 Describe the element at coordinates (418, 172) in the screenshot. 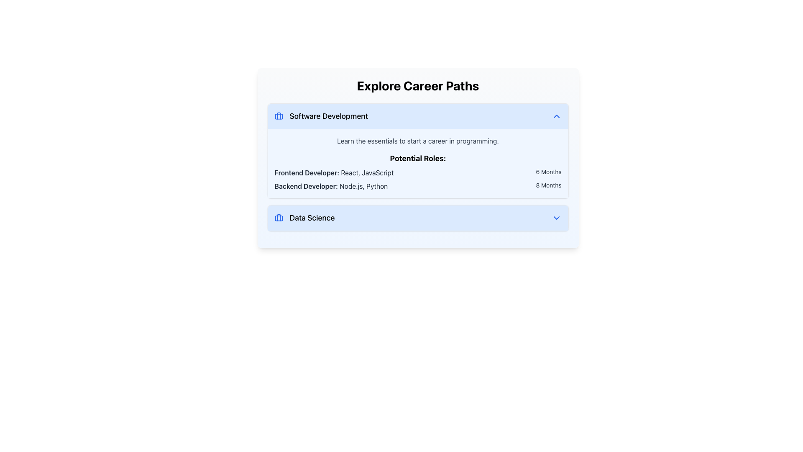

I see `the job title 'Frontend Developer: React, JavaScript' in the first list item under the 'Potential Roles' section to interact` at that location.